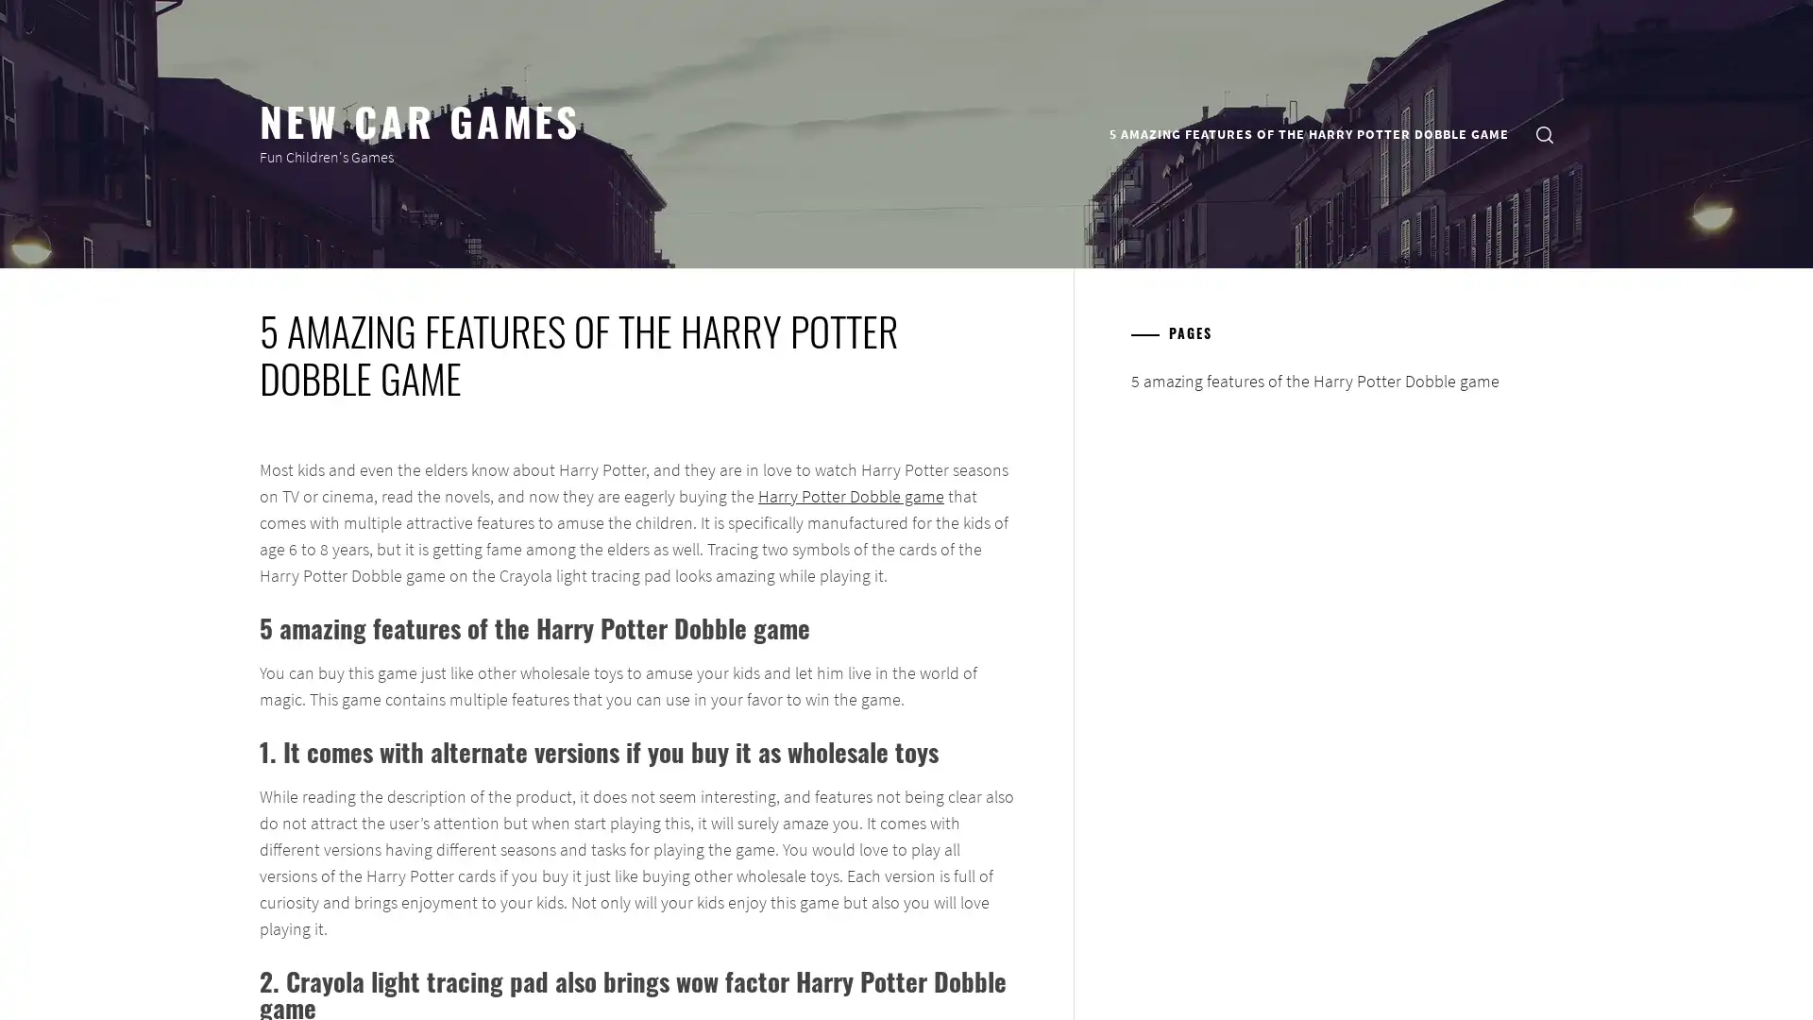 This screenshot has height=1020, width=1813. Describe the element at coordinates (1545, 132) in the screenshot. I see `search` at that location.